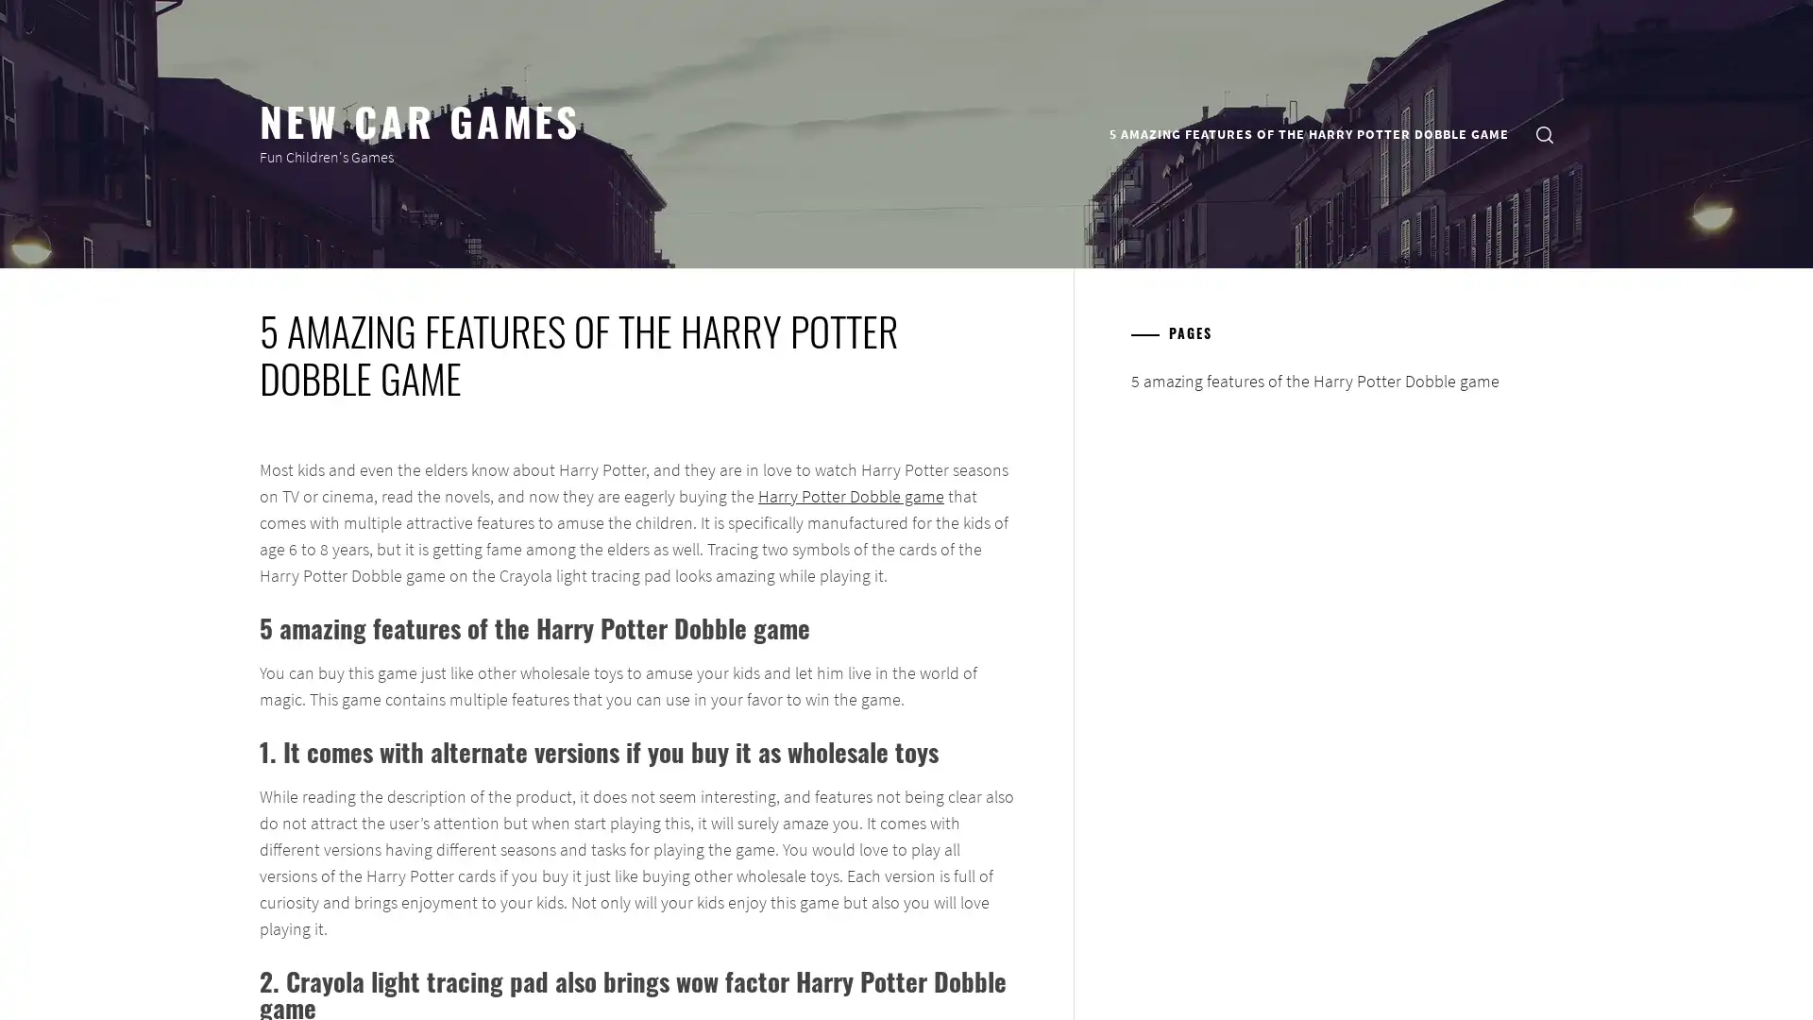 This screenshot has height=1020, width=1813. Describe the element at coordinates (1545, 132) in the screenshot. I see `search` at that location.